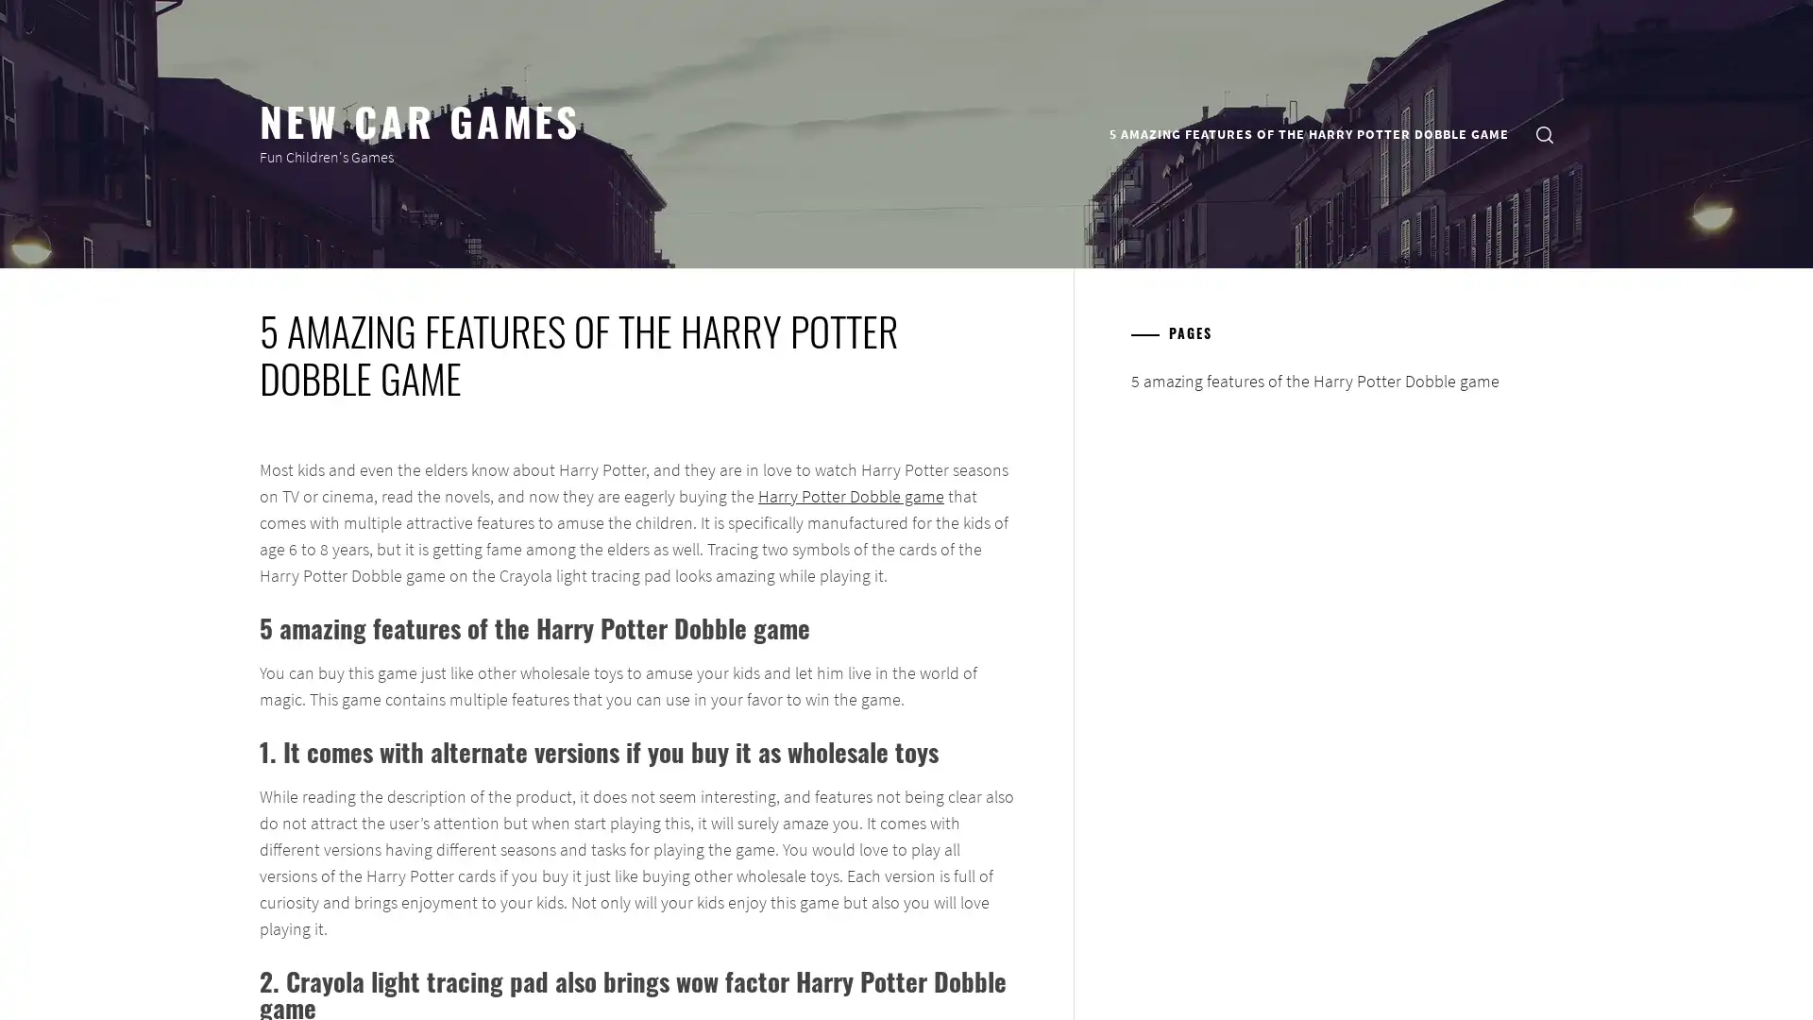 This screenshot has height=1020, width=1813. Describe the element at coordinates (1545, 132) in the screenshot. I see `search` at that location.